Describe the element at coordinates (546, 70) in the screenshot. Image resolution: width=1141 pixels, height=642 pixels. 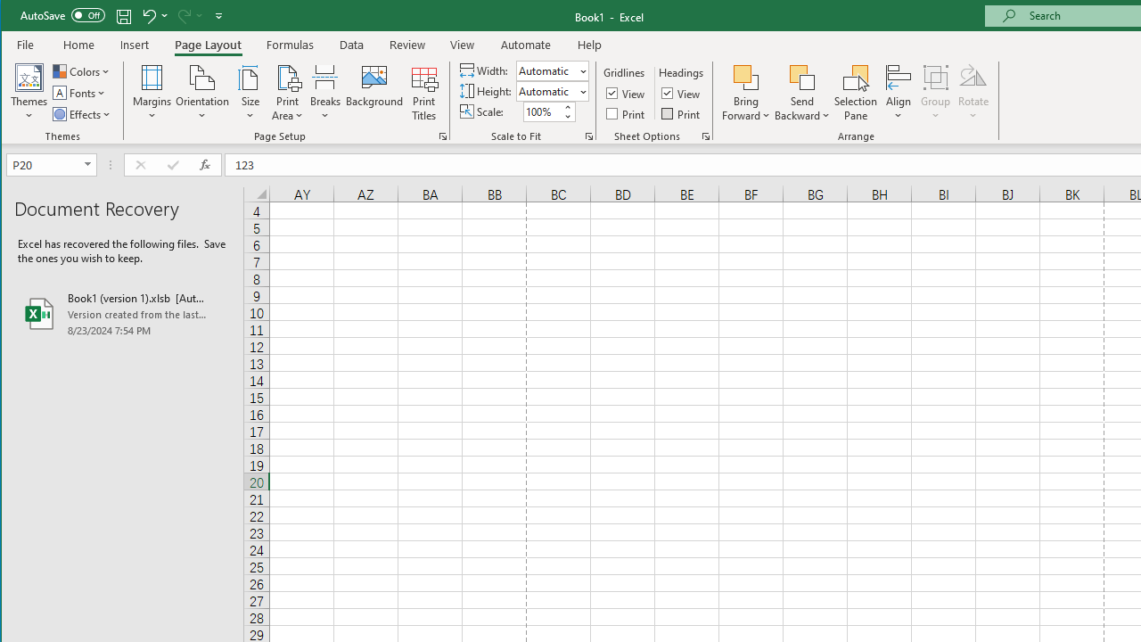
I see `'Width'` at that location.